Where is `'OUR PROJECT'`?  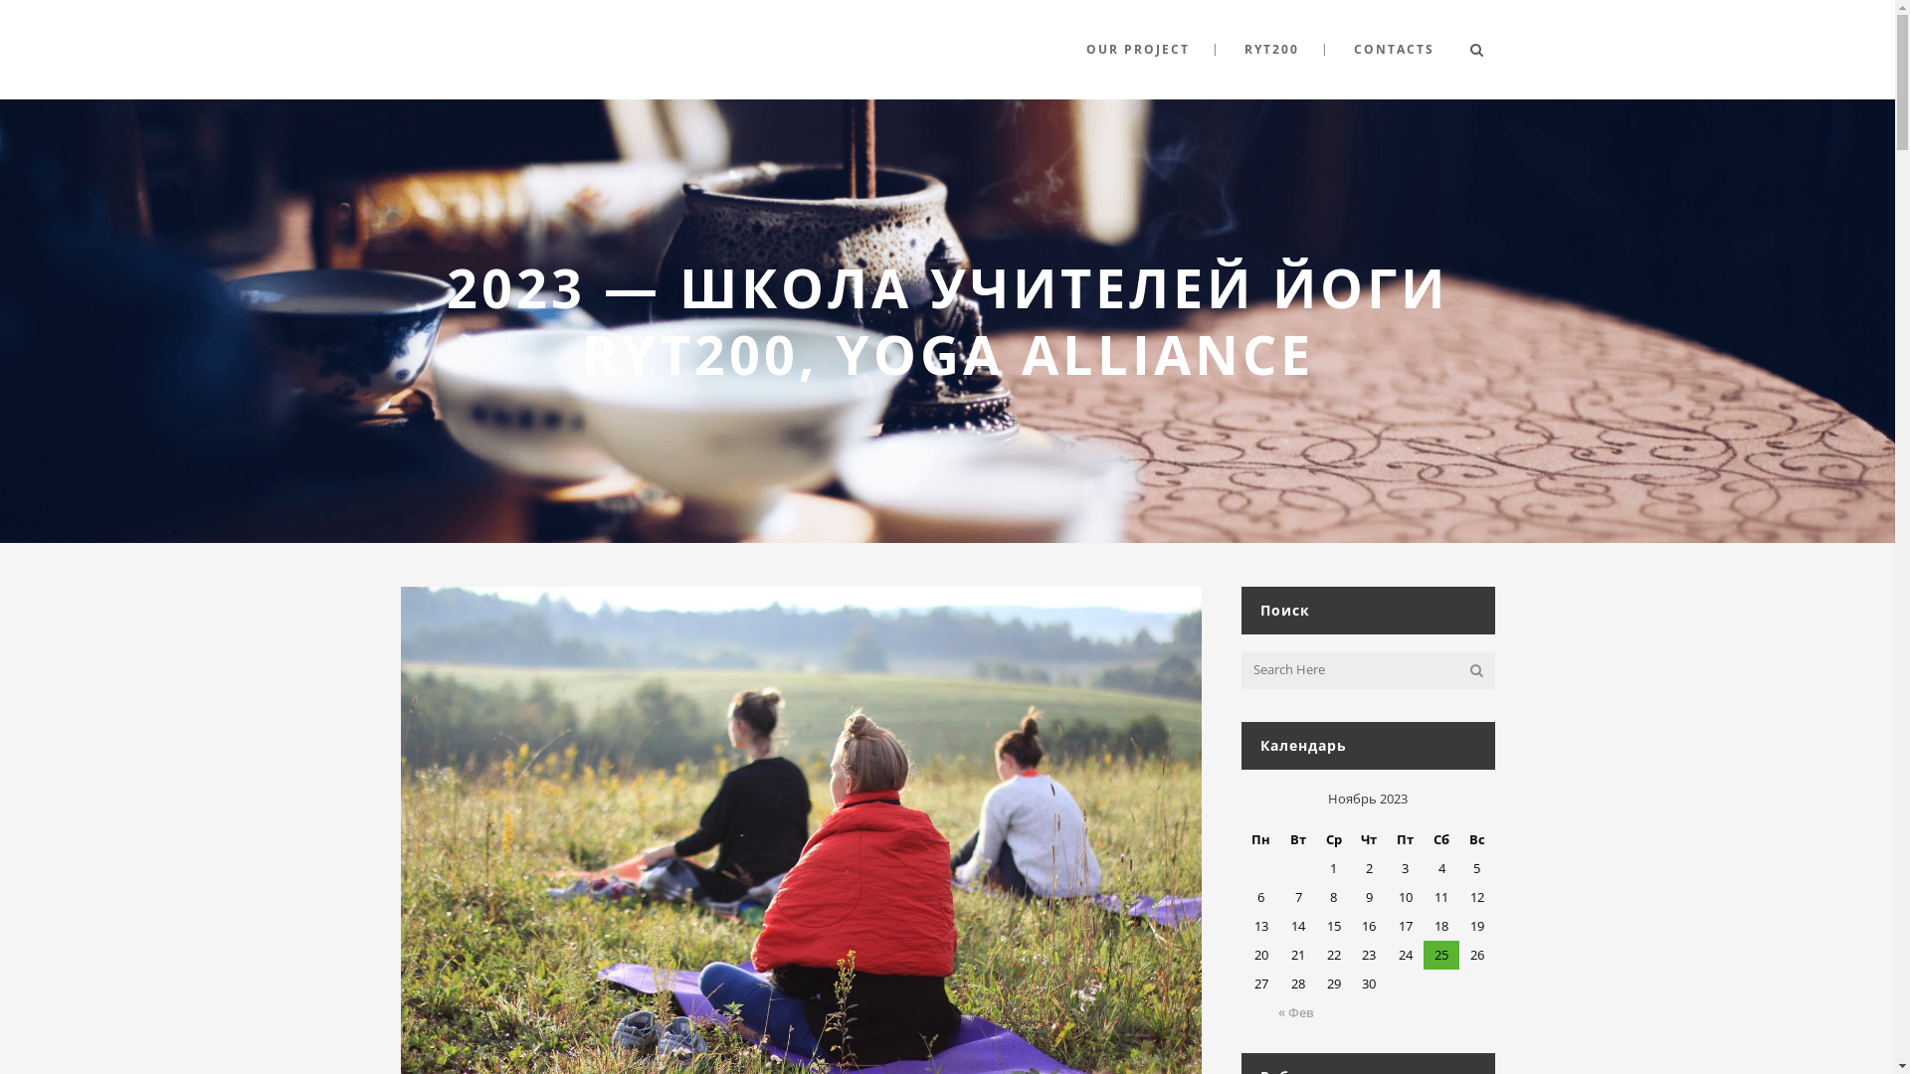 'OUR PROJECT' is located at coordinates (1061, 49).